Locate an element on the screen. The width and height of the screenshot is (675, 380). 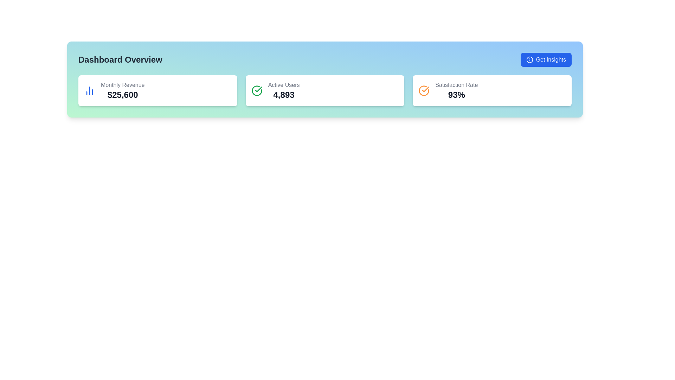
the textual label displaying '4,893' which is styled as large, bold black text within the 'Active Users' card on the dashboard is located at coordinates (284, 95).